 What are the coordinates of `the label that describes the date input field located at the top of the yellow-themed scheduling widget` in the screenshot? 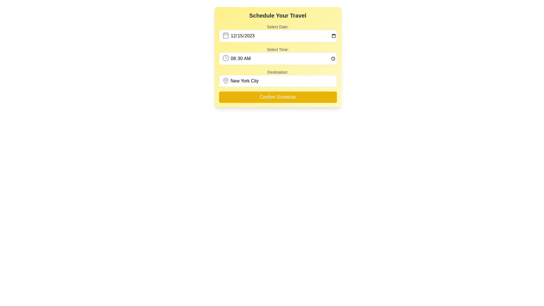 It's located at (278, 27).